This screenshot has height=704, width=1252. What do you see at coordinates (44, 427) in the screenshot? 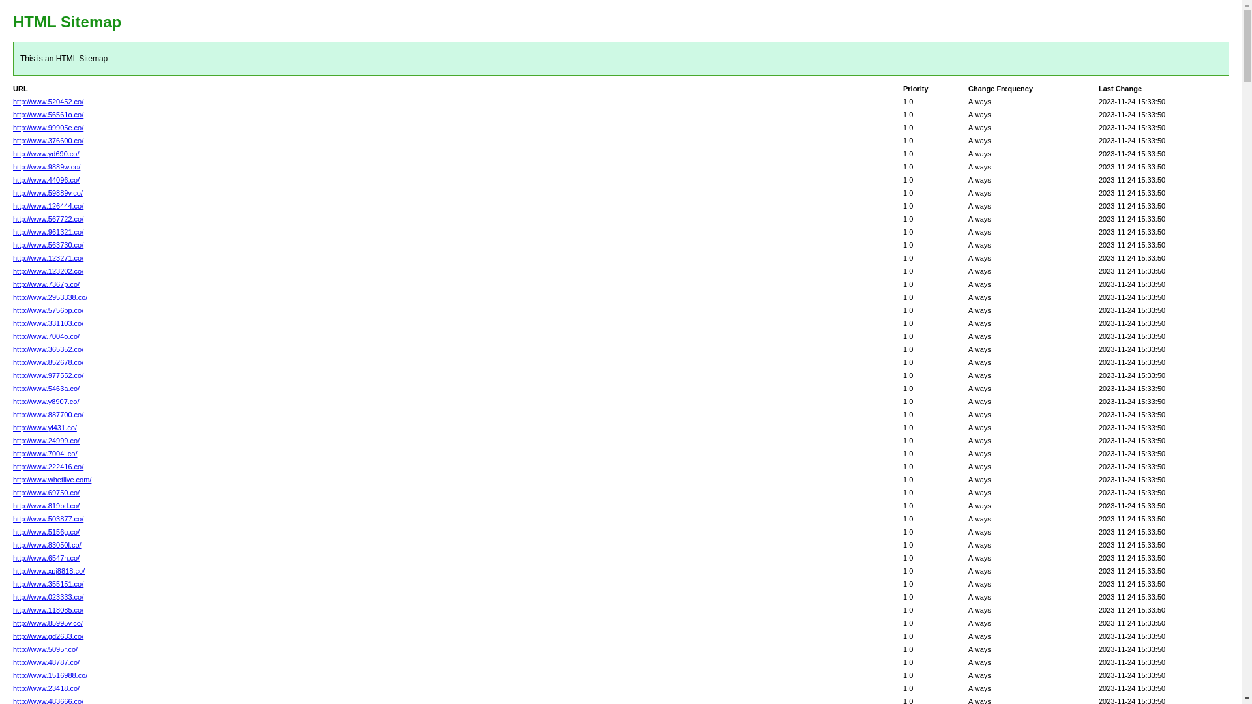
I see `'http://www.yl431.co/'` at bounding box center [44, 427].